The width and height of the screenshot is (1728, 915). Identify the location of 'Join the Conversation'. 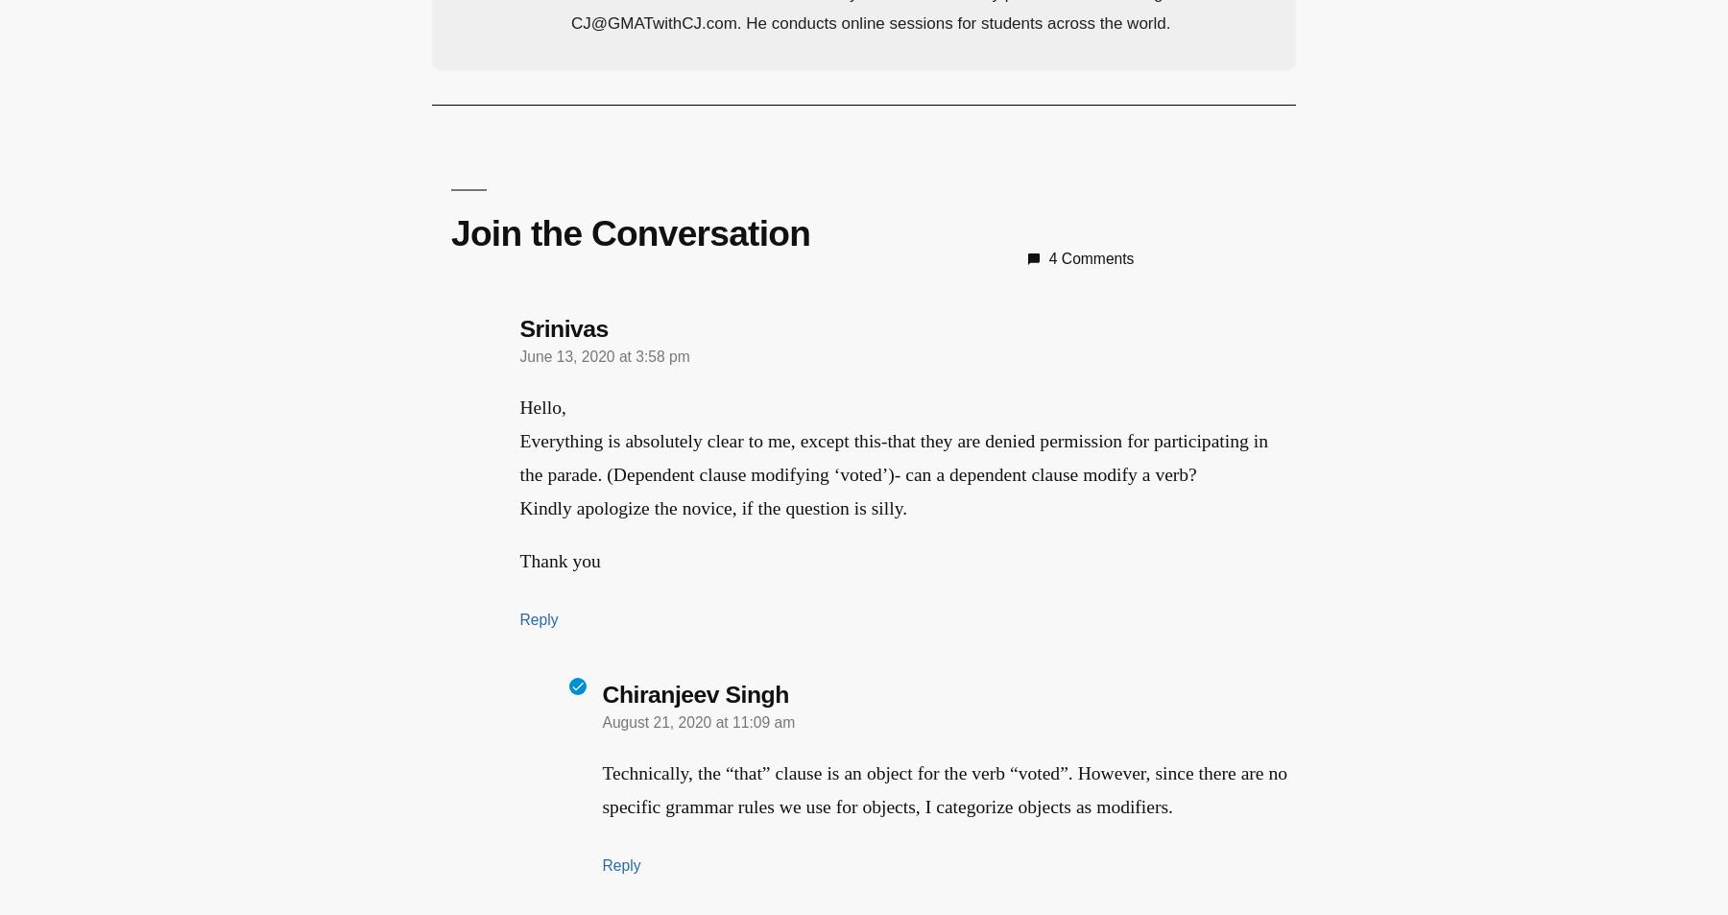
(620, 230).